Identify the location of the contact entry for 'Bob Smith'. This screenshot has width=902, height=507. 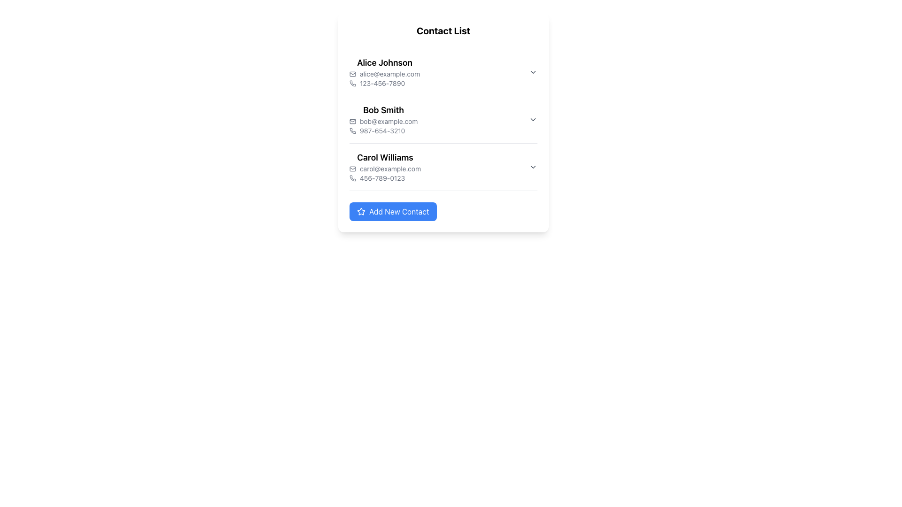
(443, 119).